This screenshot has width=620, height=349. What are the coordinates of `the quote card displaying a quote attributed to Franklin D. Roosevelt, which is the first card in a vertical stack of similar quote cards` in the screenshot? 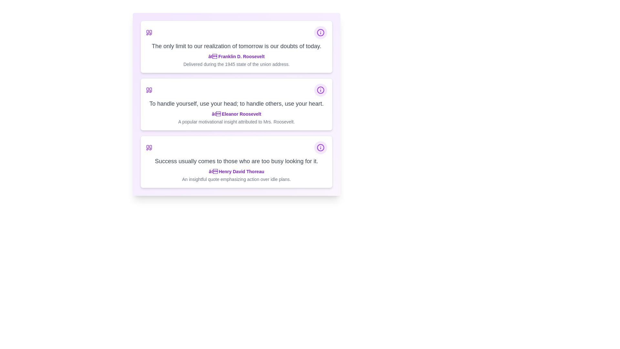 It's located at (236, 47).